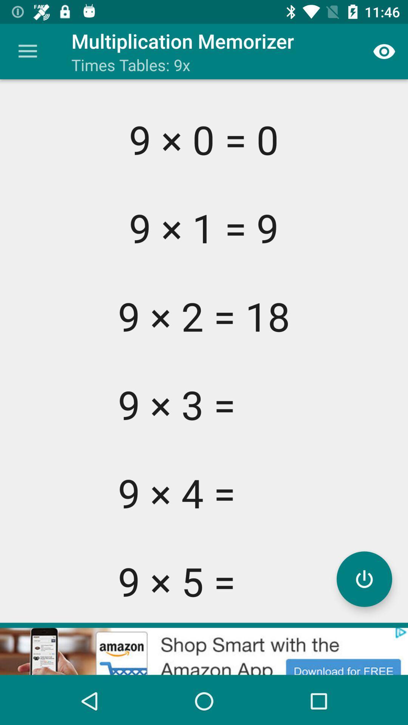 The width and height of the screenshot is (408, 725). Describe the element at coordinates (364, 578) in the screenshot. I see `the power icon` at that location.